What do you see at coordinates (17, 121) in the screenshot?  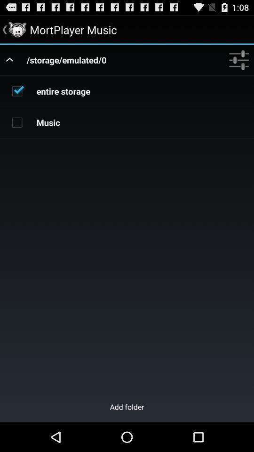 I see `check music` at bounding box center [17, 121].